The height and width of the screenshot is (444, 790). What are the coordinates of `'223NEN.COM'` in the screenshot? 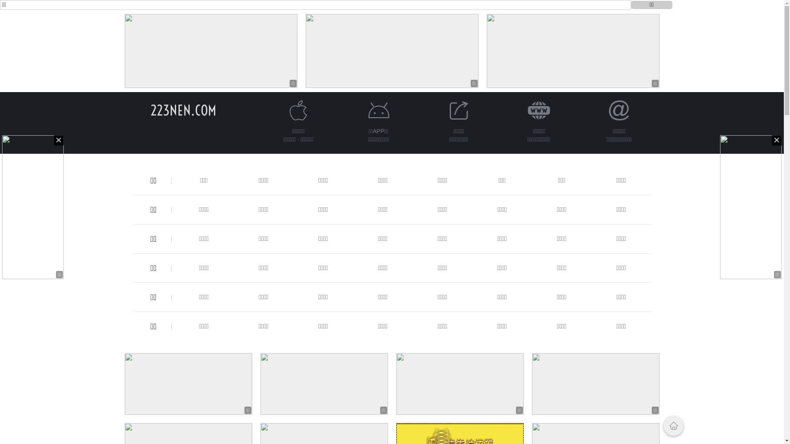 It's located at (183, 110).